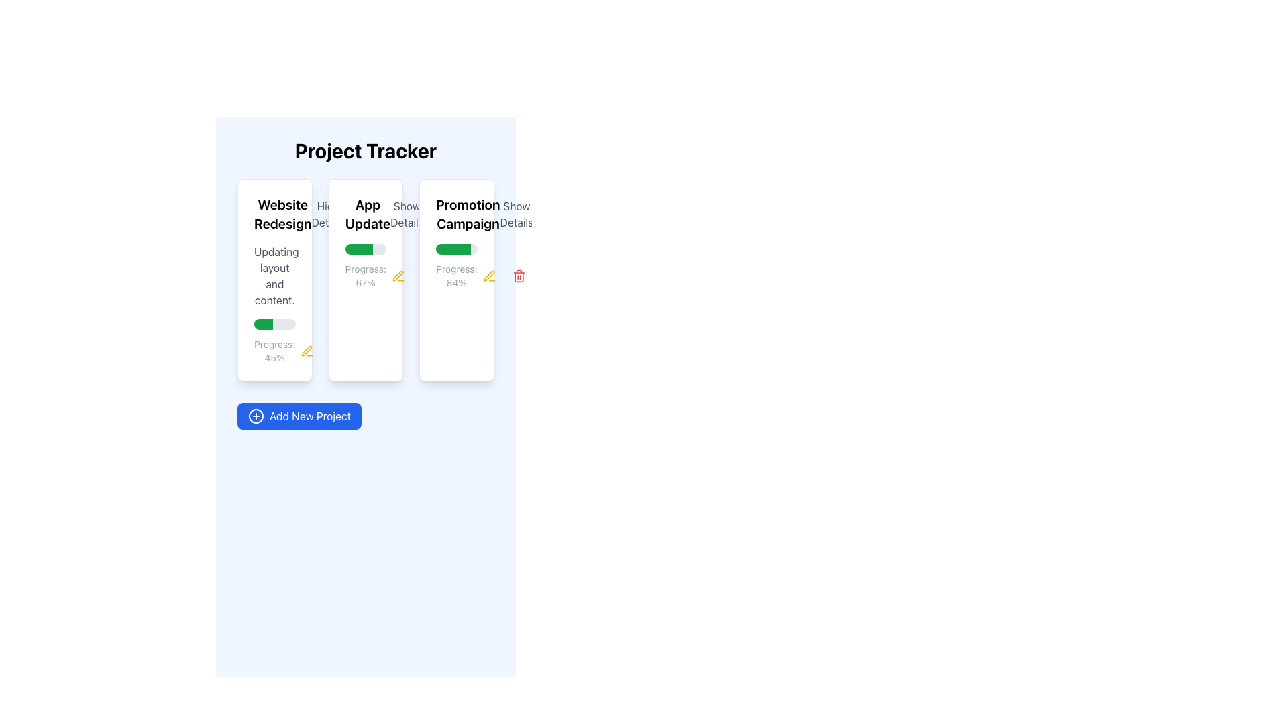 This screenshot has height=724, width=1288. Describe the element at coordinates (366, 276) in the screenshot. I see `the text label displaying 'Progress: 67%' located within the 'App Update' card, positioned below the green progress bar` at that location.